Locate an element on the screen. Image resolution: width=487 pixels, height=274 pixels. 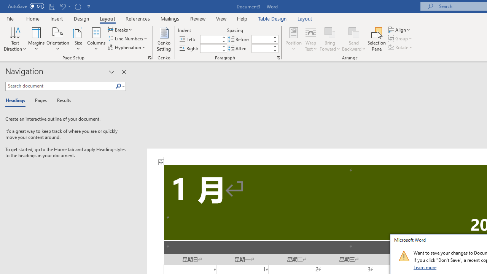
'Less' is located at coordinates (274, 50).